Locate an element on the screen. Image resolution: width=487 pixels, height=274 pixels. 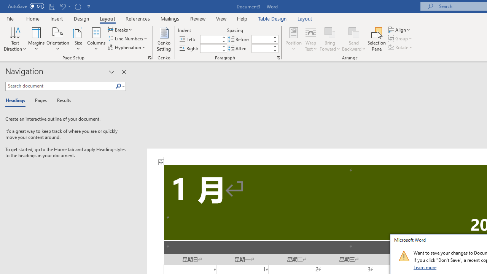
'Less' is located at coordinates (274, 50).